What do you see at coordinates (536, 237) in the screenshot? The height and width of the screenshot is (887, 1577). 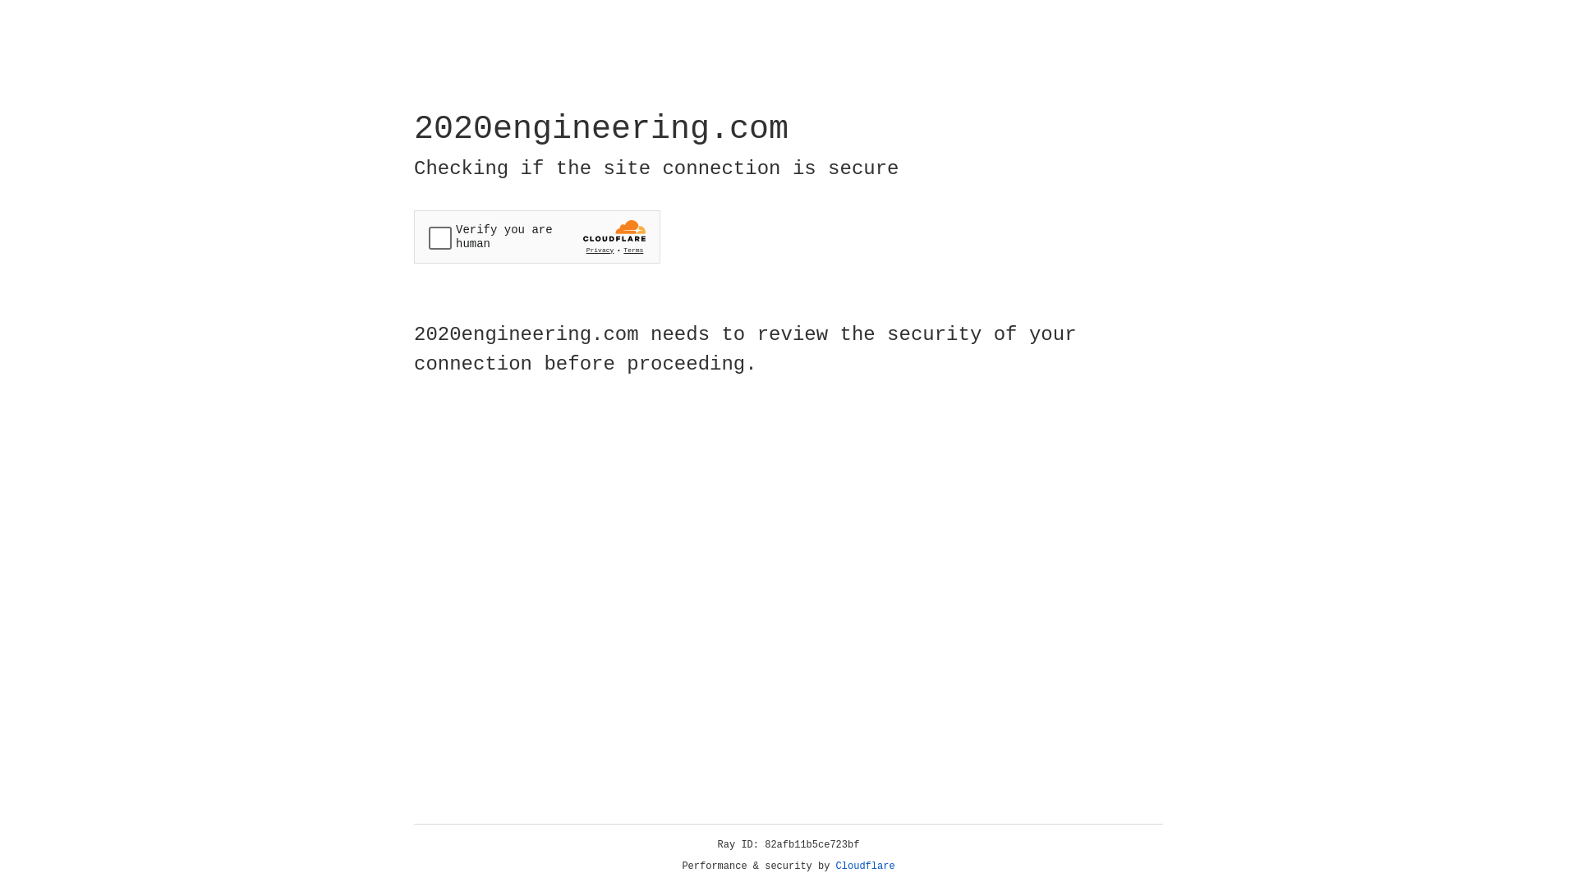 I see `'Widget containing a Cloudflare security challenge'` at bounding box center [536, 237].